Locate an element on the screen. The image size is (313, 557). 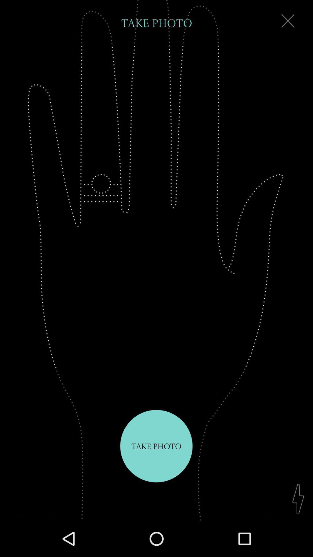
the close icon is located at coordinates (287, 22).